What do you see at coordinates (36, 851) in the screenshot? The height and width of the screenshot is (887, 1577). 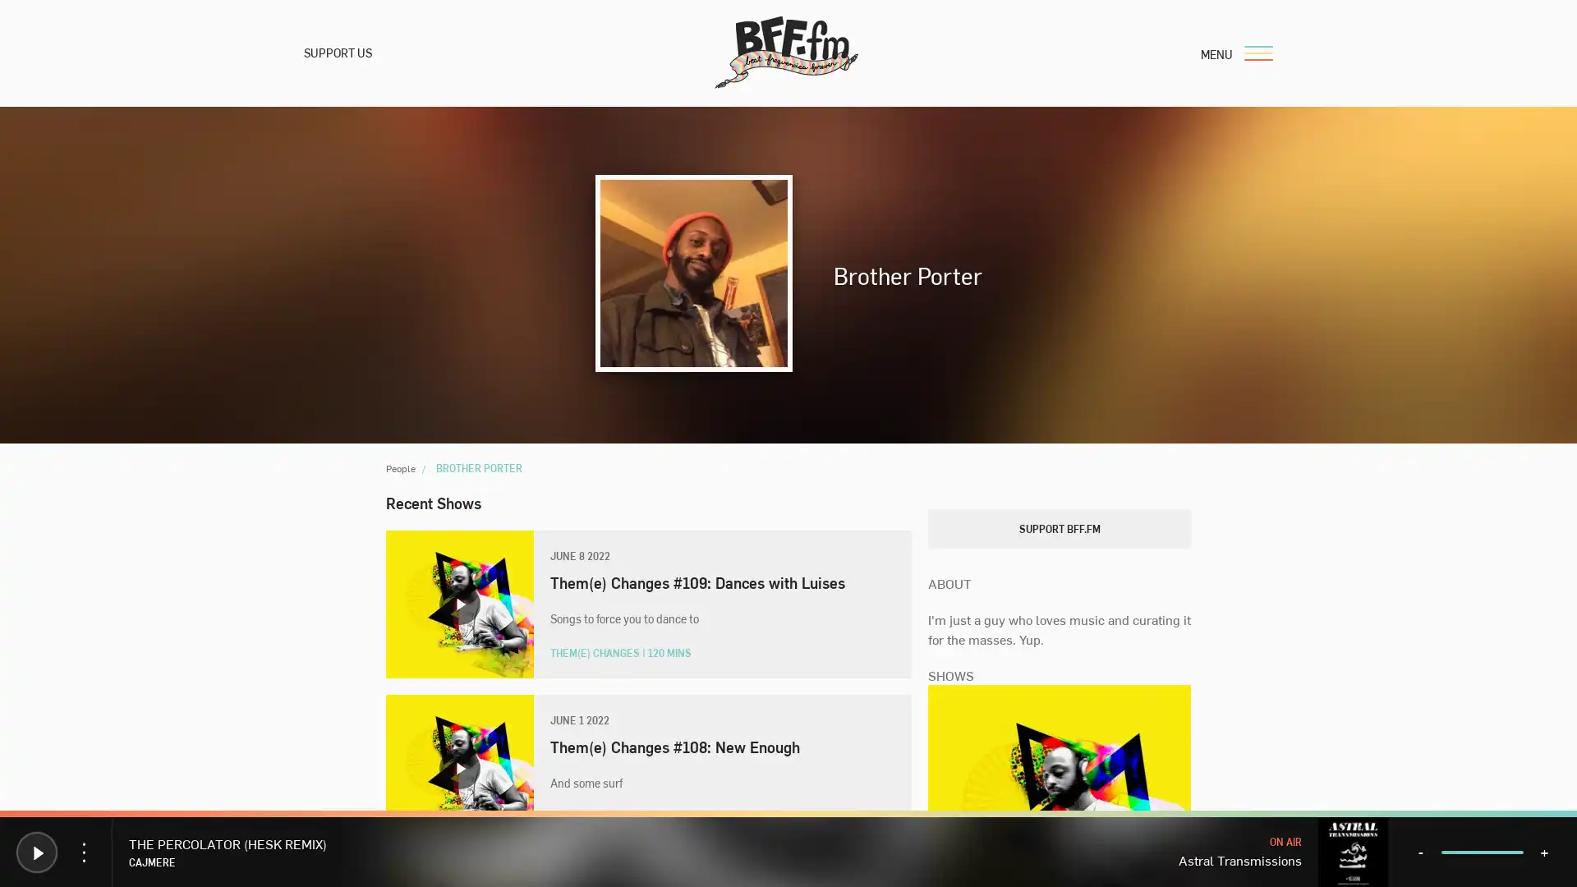 I see `Play` at bounding box center [36, 851].